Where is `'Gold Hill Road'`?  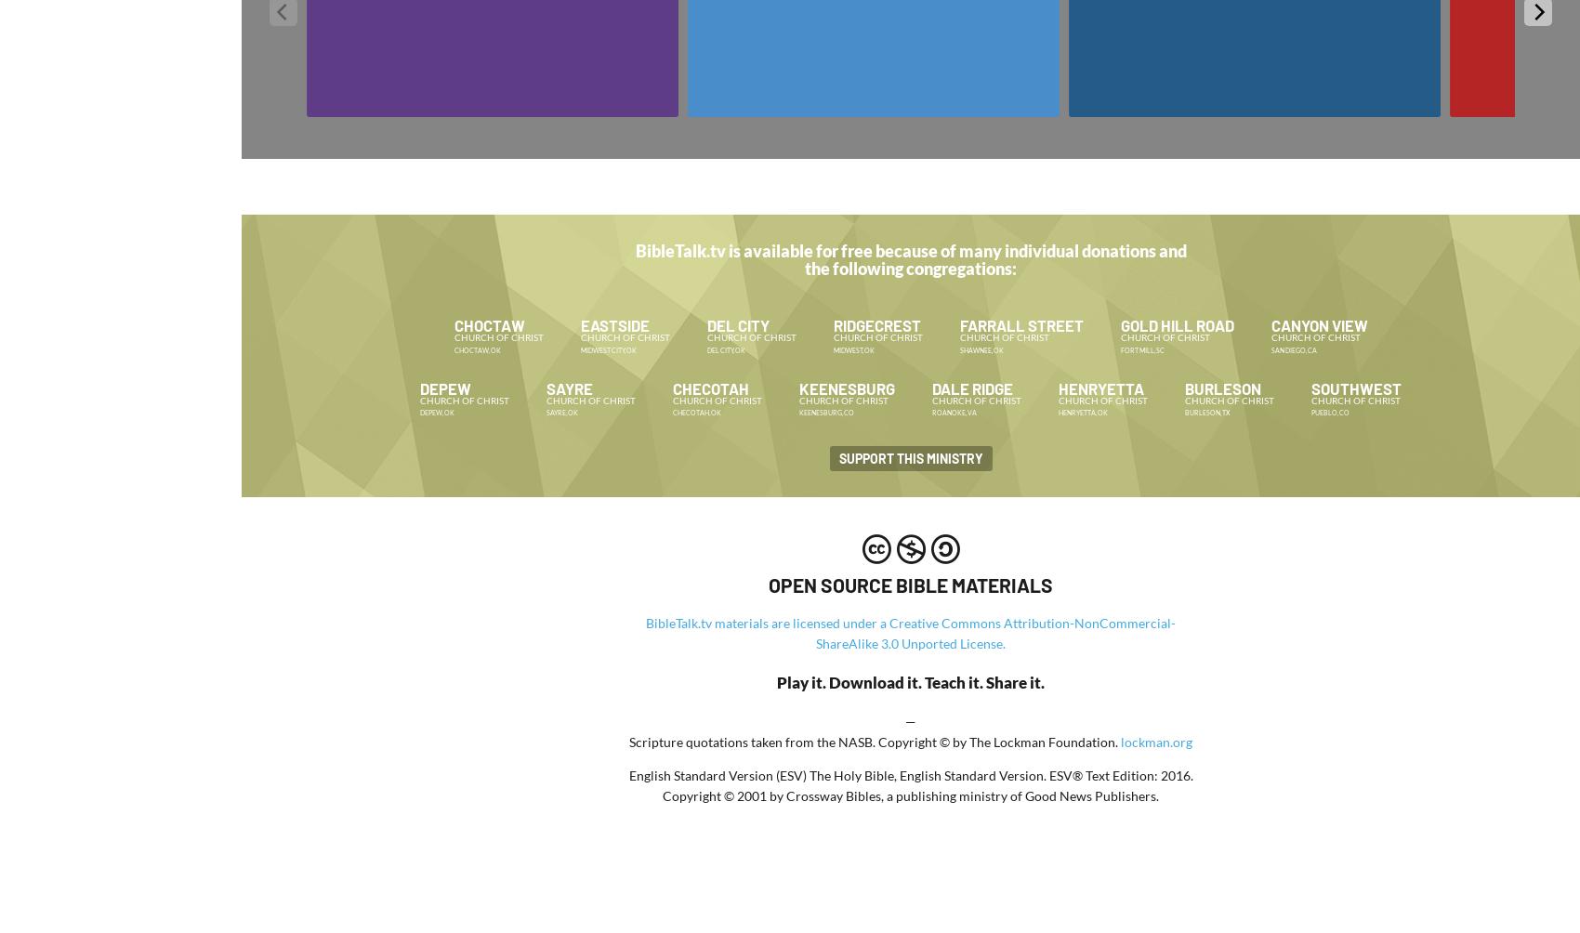 'Gold Hill Road' is located at coordinates (1118, 323).